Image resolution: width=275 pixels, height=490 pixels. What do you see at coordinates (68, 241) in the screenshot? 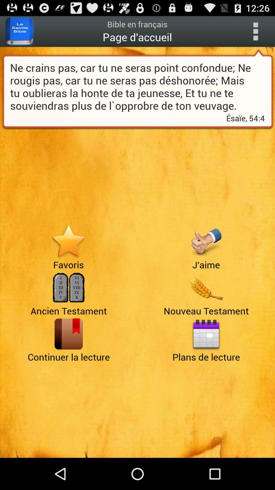
I see `goto favoris` at bounding box center [68, 241].